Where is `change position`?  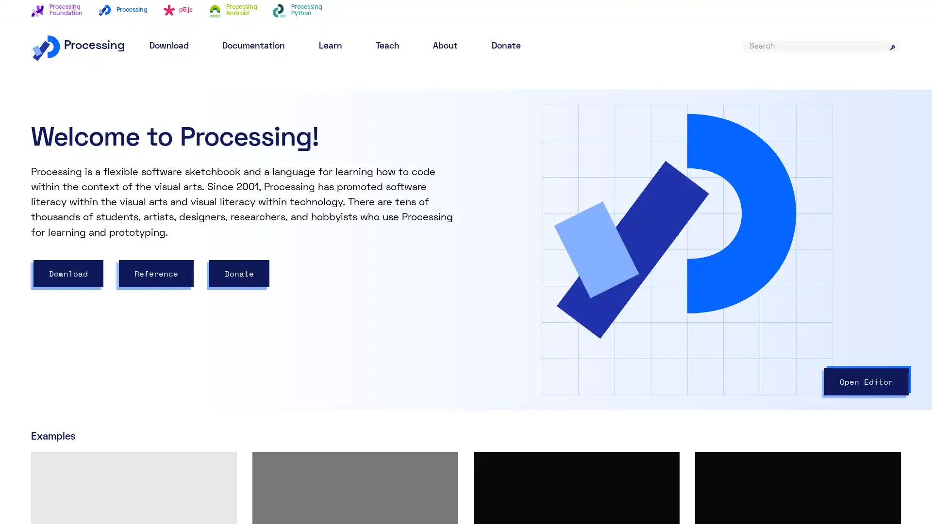
change position is located at coordinates (575, 322).